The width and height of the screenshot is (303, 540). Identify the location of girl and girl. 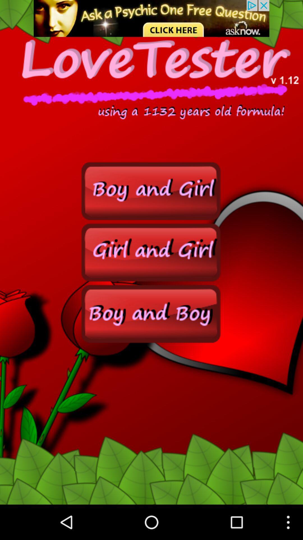
(151, 252).